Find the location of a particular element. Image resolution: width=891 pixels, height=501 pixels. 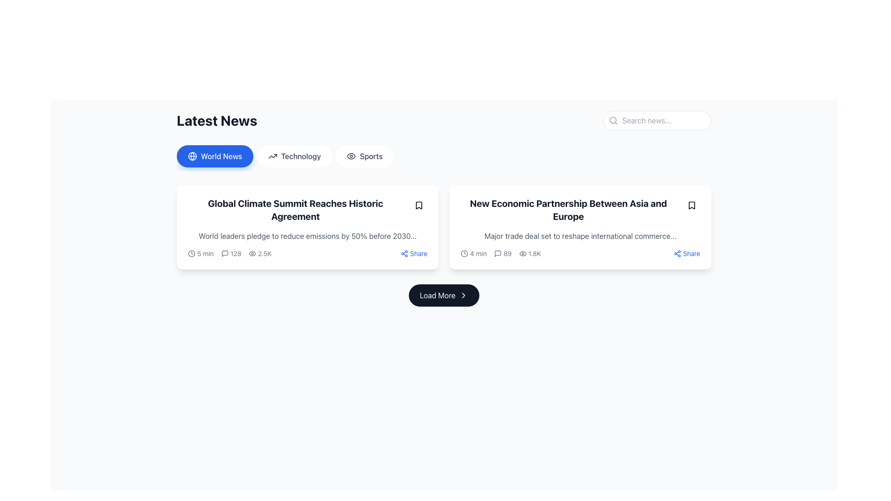

the Duration indicator displaying '4 min' with a clock icon, located at the lower-left corner of the article card for 'New Economic Partnership Between Asia and Europe' is located at coordinates (474, 254).